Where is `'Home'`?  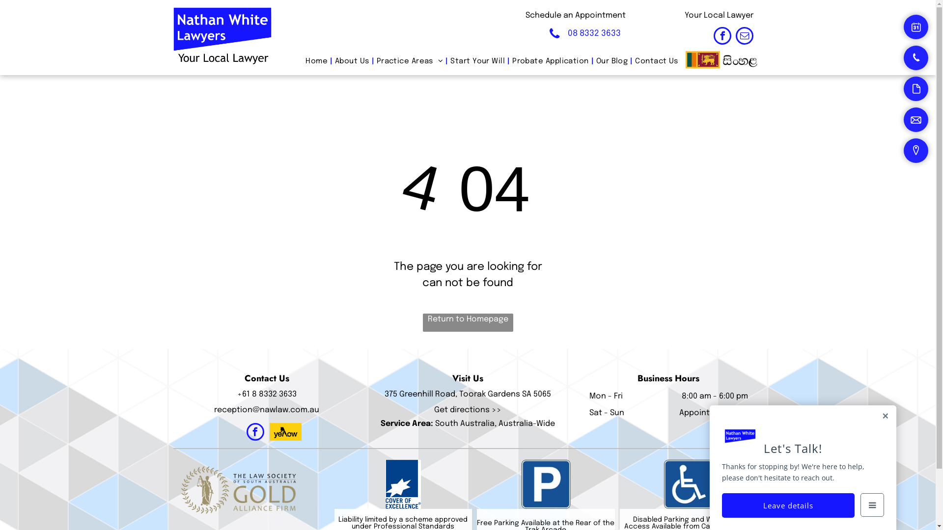 'Home' is located at coordinates (316, 61).